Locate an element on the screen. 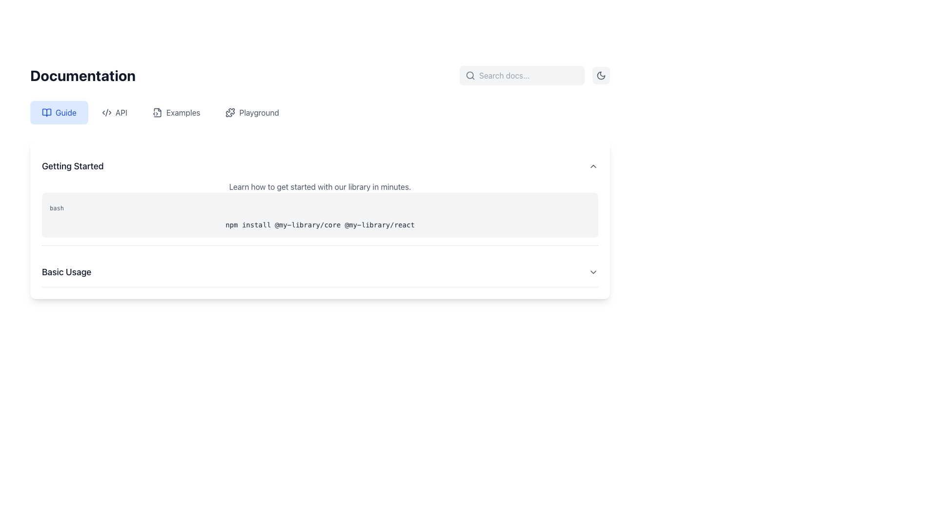  the 'Guide' text label within the navigation button is located at coordinates (65, 112).